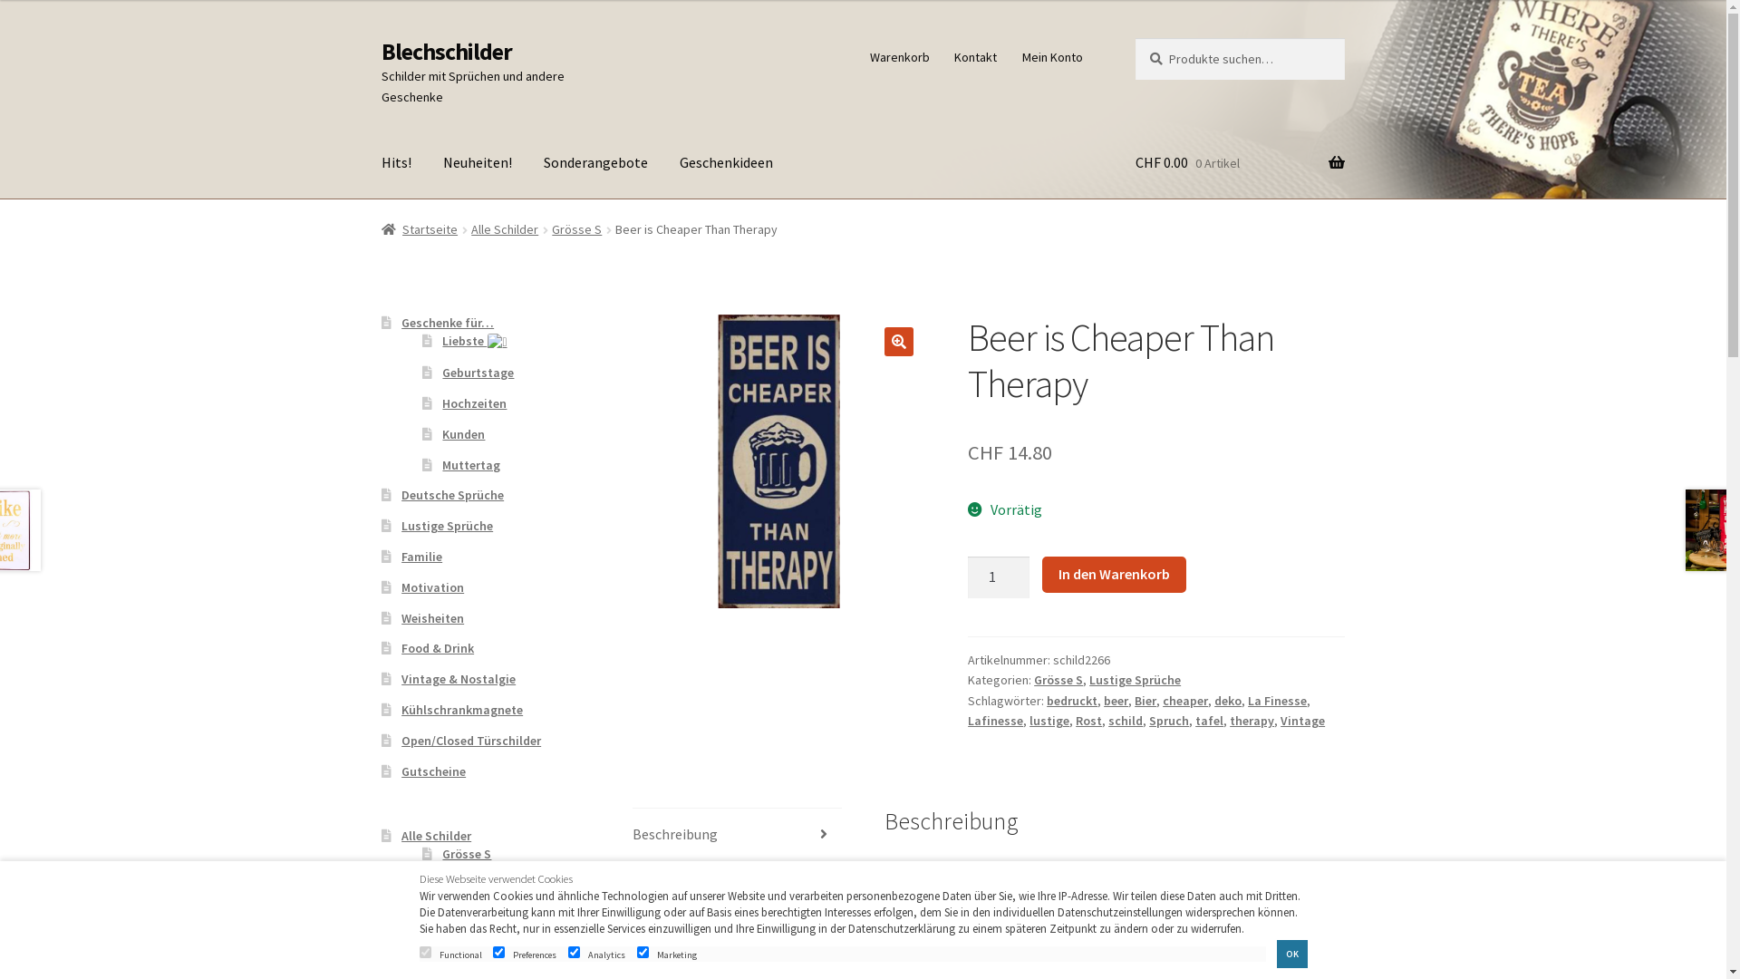 The height and width of the screenshot is (979, 1740). I want to click on 'beer', so click(1115, 699).